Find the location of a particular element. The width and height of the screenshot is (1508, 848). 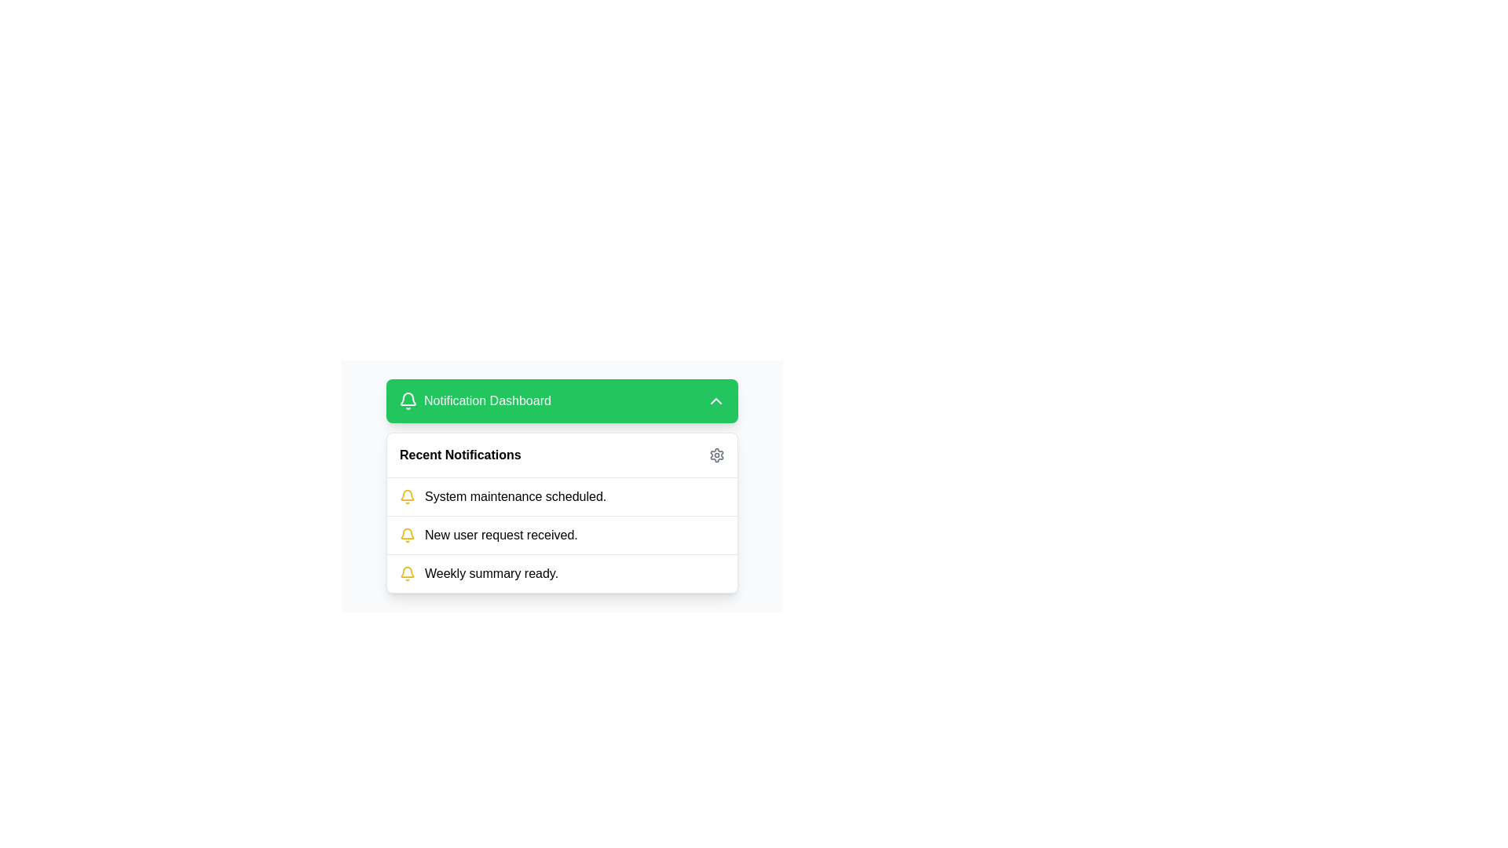

the 'Notification Dashboard' header bar with icons is located at coordinates (562, 484).